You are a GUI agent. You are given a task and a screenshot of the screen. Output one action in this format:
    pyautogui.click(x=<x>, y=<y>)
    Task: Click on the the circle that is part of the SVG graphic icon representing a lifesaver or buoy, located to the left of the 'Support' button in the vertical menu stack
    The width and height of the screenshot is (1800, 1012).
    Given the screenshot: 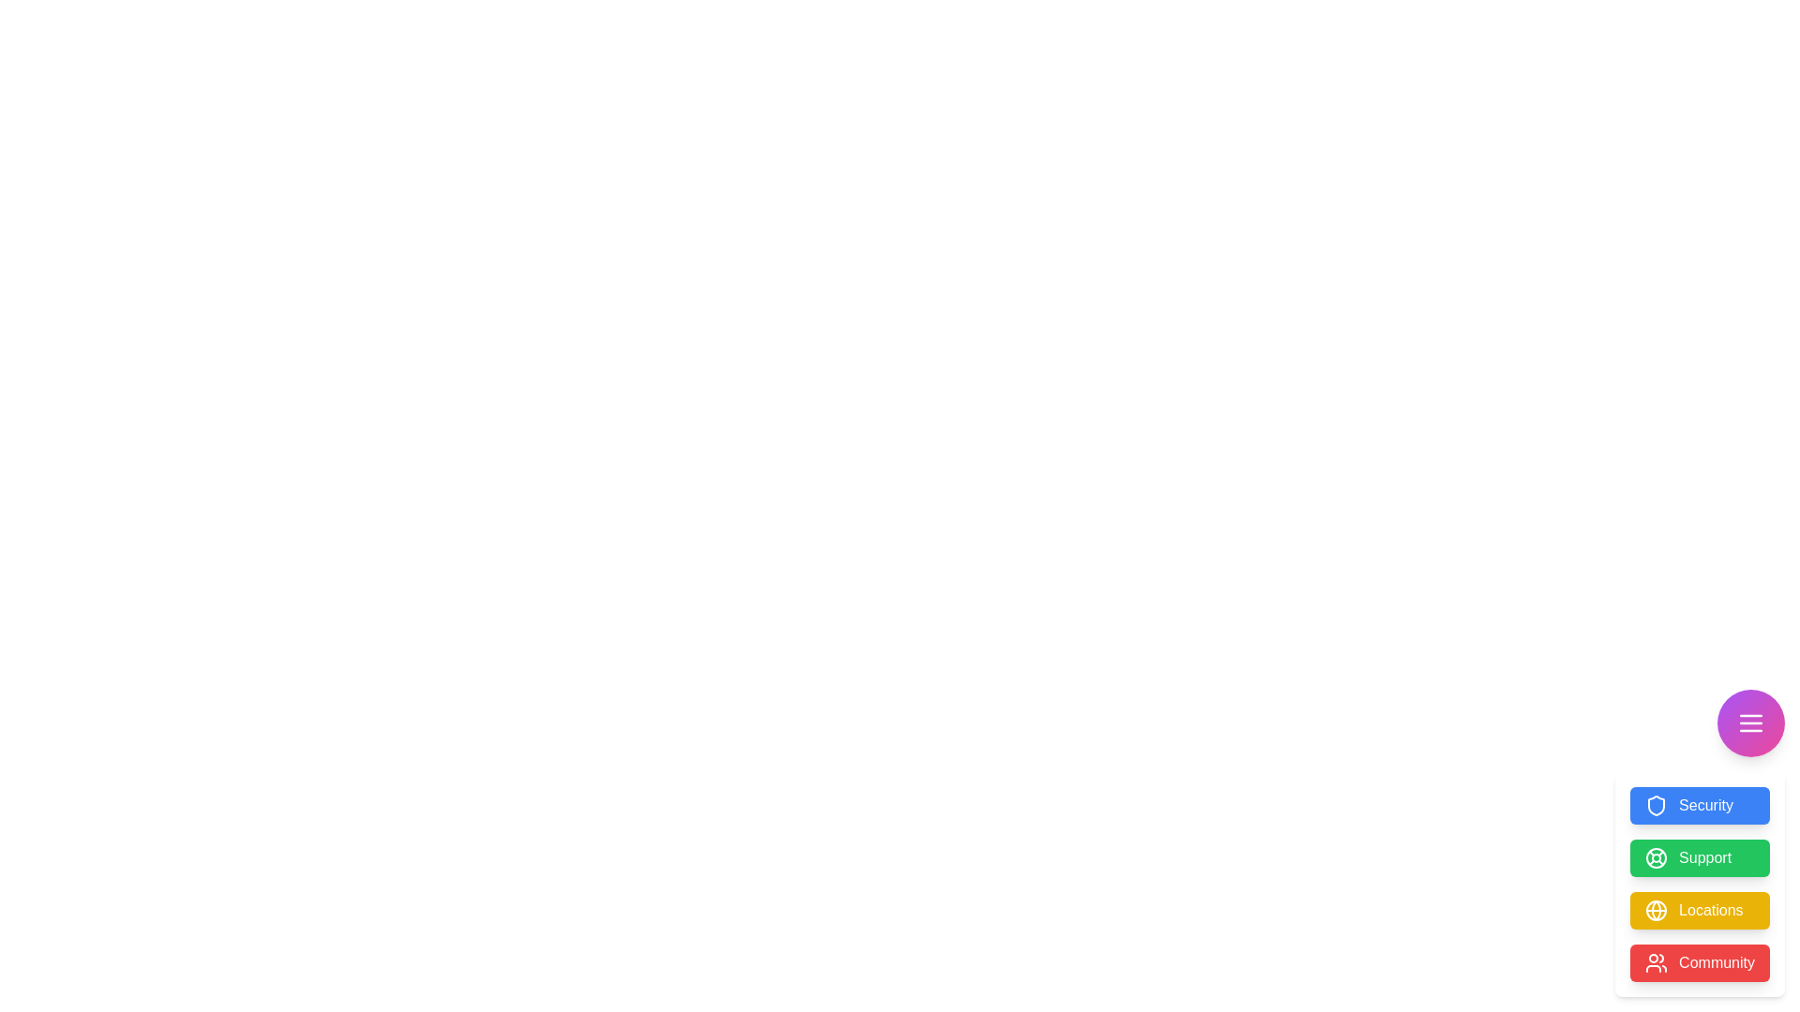 What is the action you would take?
    pyautogui.click(x=1657, y=857)
    